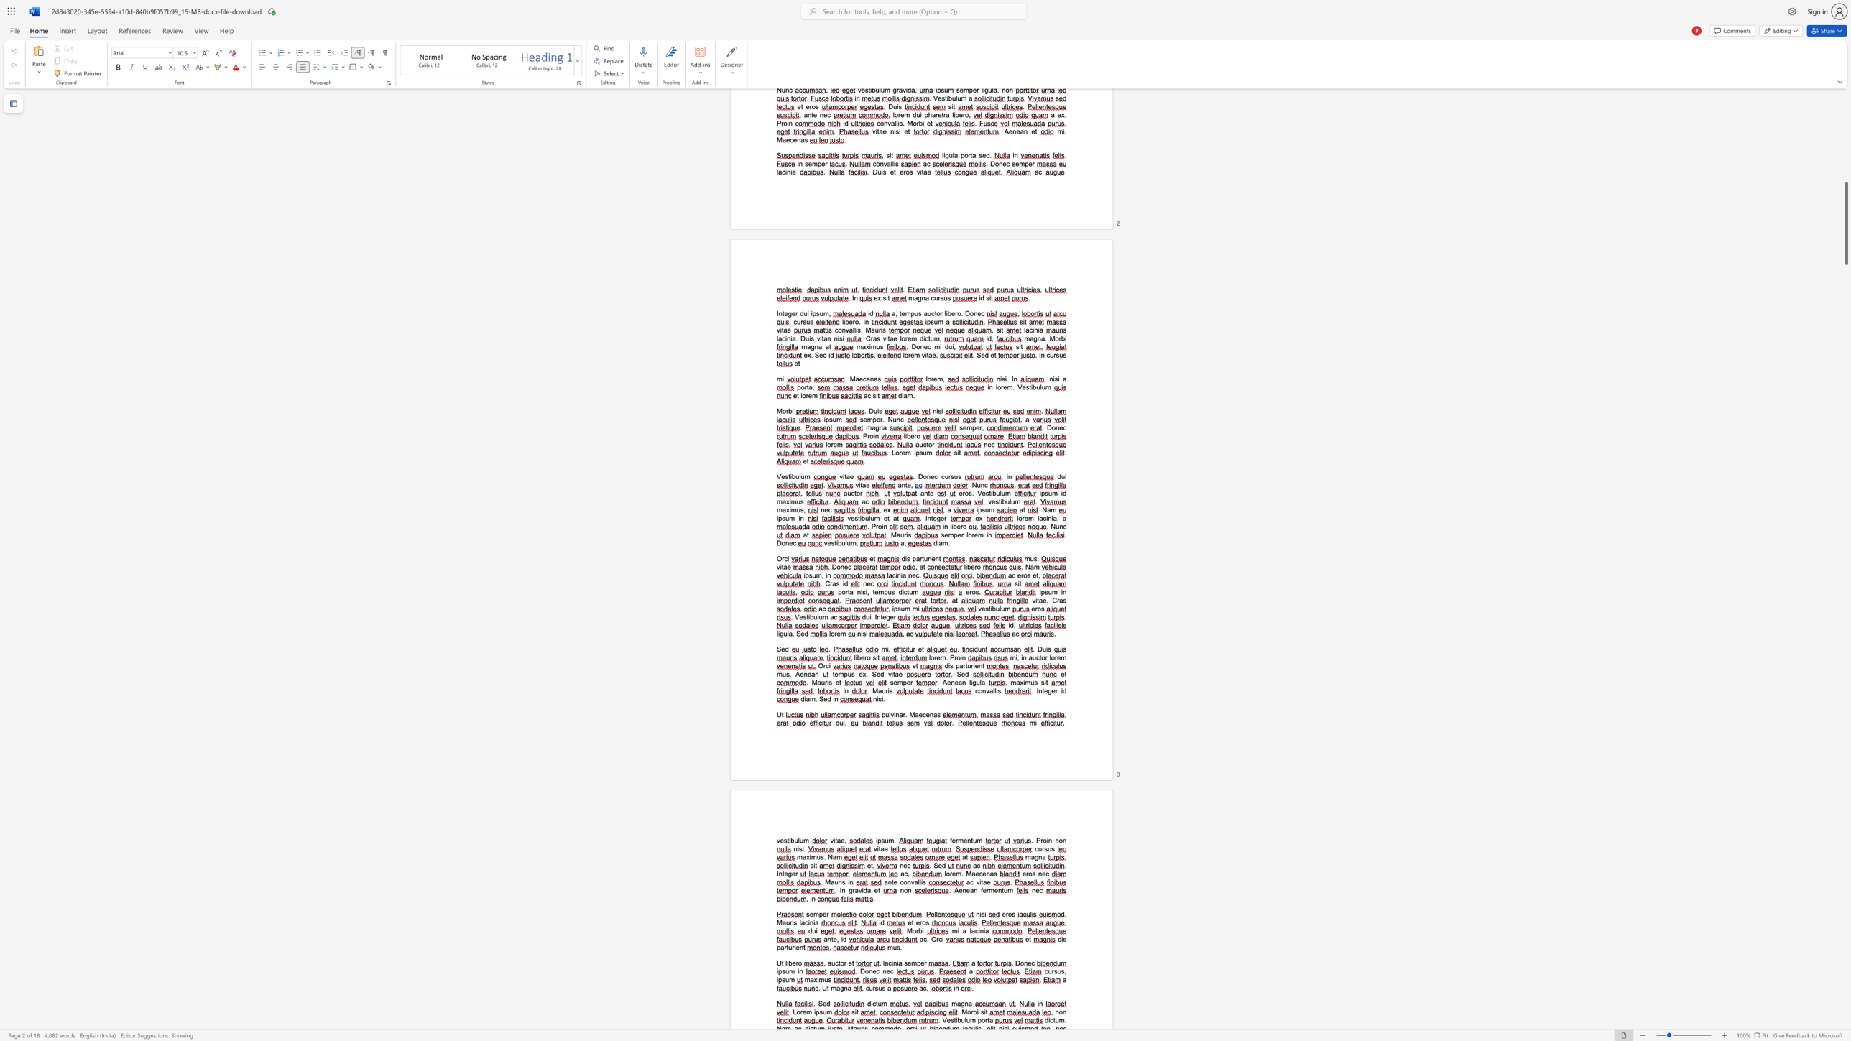 The width and height of the screenshot is (1851, 1041). What do you see at coordinates (833, 698) in the screenshot?
I see `the 2th character "i" in the text` at bounding box center [833, 698].